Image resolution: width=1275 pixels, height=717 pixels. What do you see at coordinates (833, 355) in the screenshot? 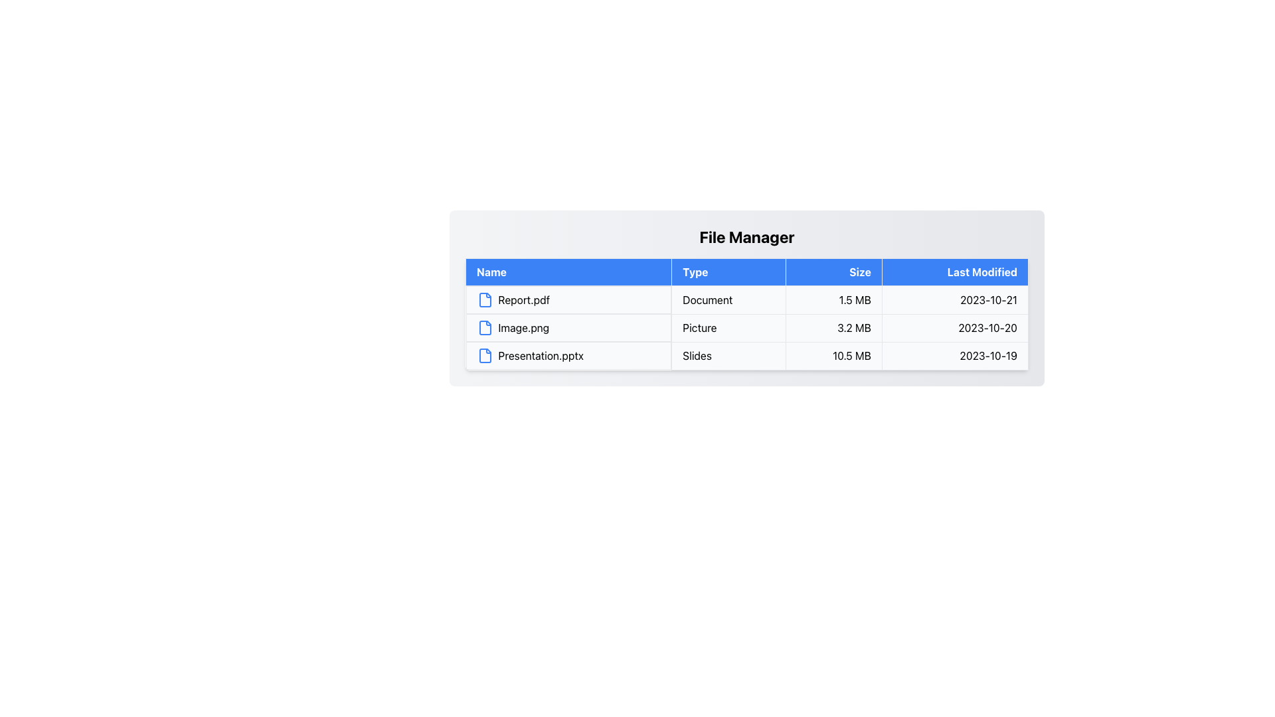
I see `the text display that shows the size of the file 'Presentation.pptx' in megabytes, located in the third column of the table row` at bounding box center [833, 355].